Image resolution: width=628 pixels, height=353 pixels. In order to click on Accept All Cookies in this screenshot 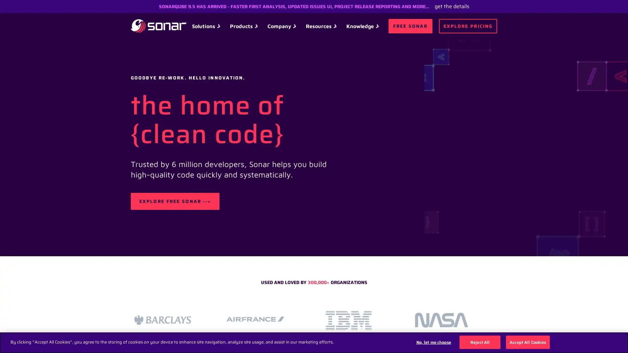, I will do `click(528, 342)`.